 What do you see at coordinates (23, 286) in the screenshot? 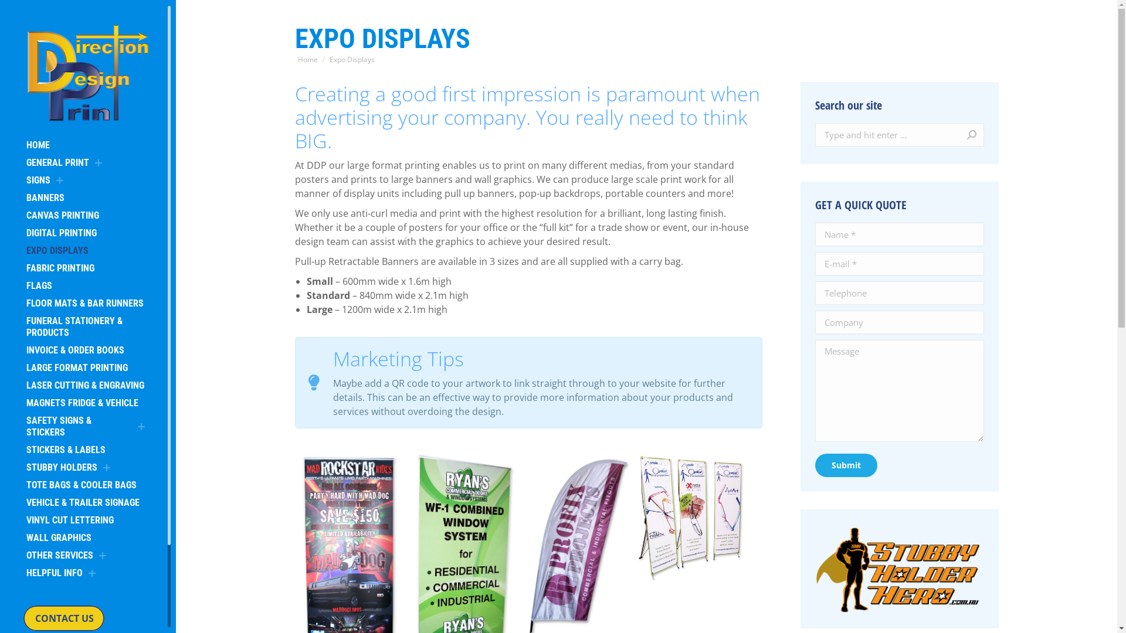
I see `'FLAGS'` at bounding box center [23, 286].